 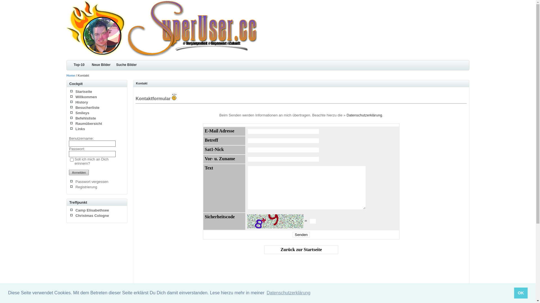 I want to click on 'Passwort vergessen', so click(x=92, y=182).